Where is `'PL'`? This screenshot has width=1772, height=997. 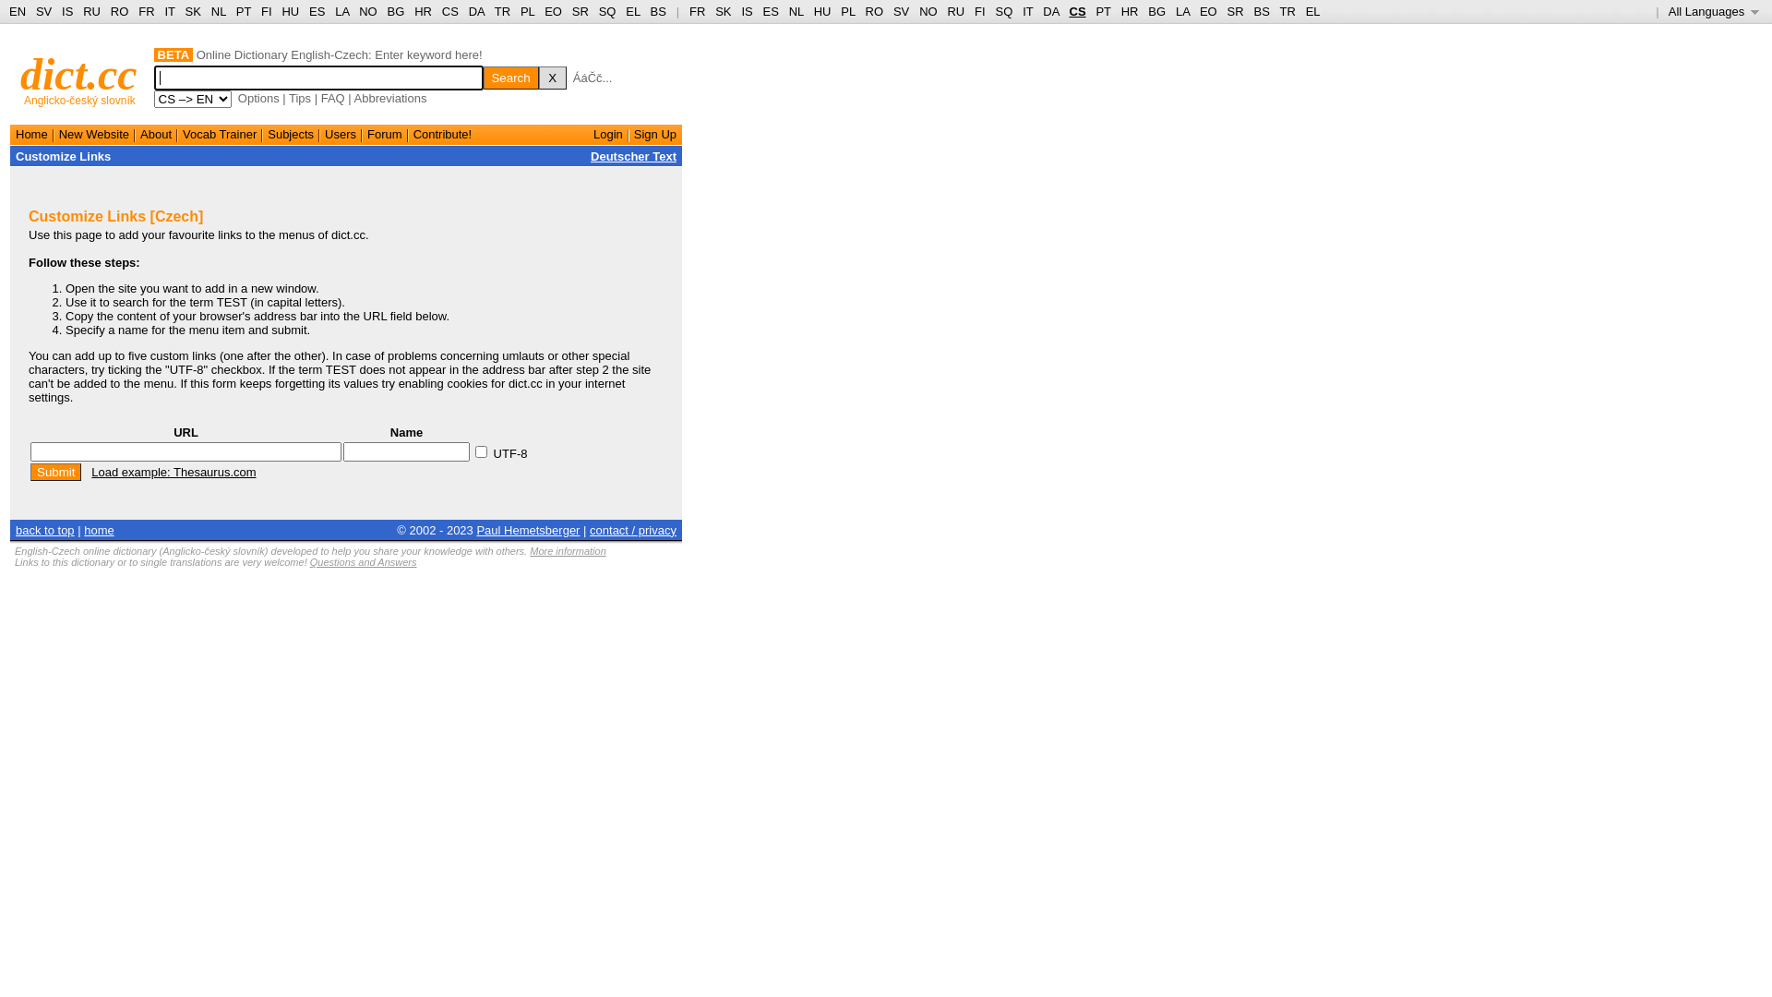
'PL' is located at coordinates (526, 11).